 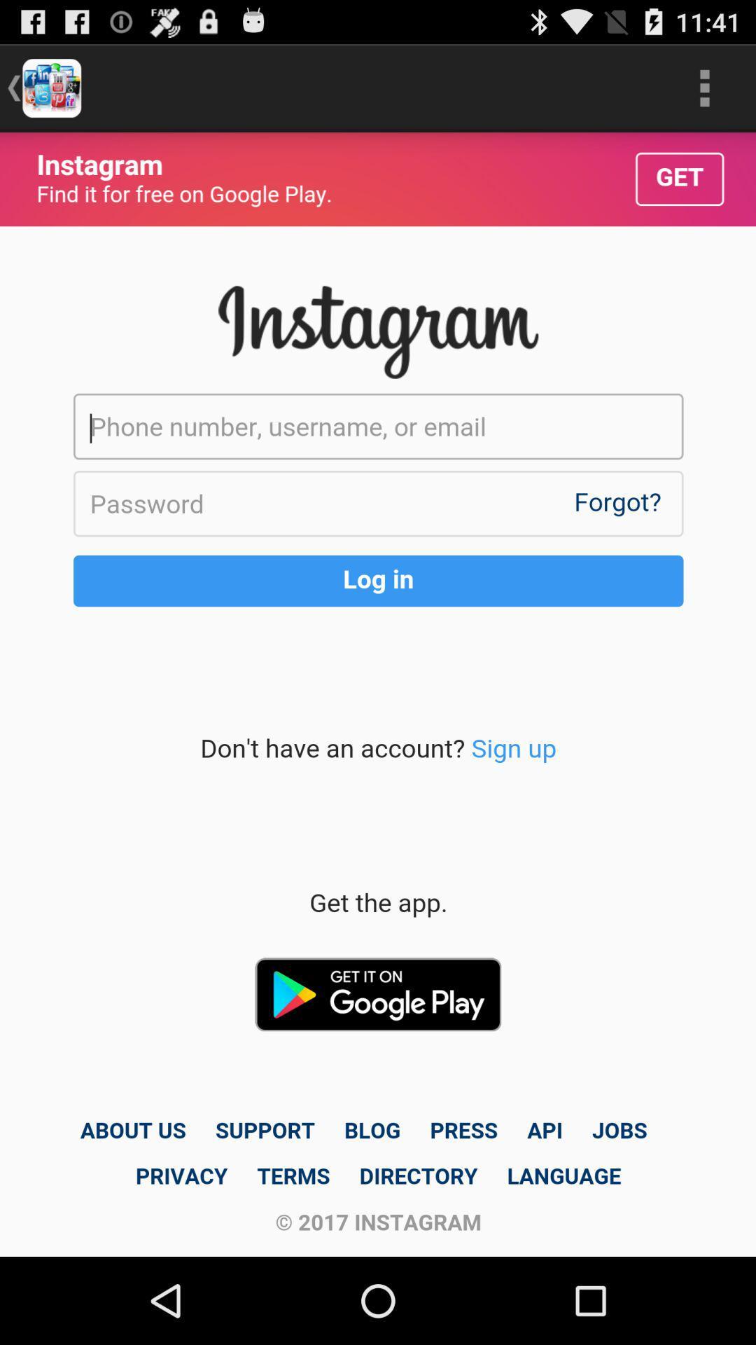 I want to click on instagram app from google paly, so click(x=378, y=694).